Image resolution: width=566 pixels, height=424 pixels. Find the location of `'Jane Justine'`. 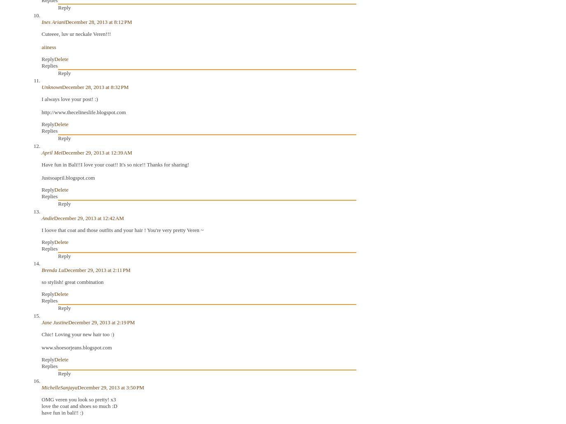

'Jane Justine' is located at coordinates (54, 322).